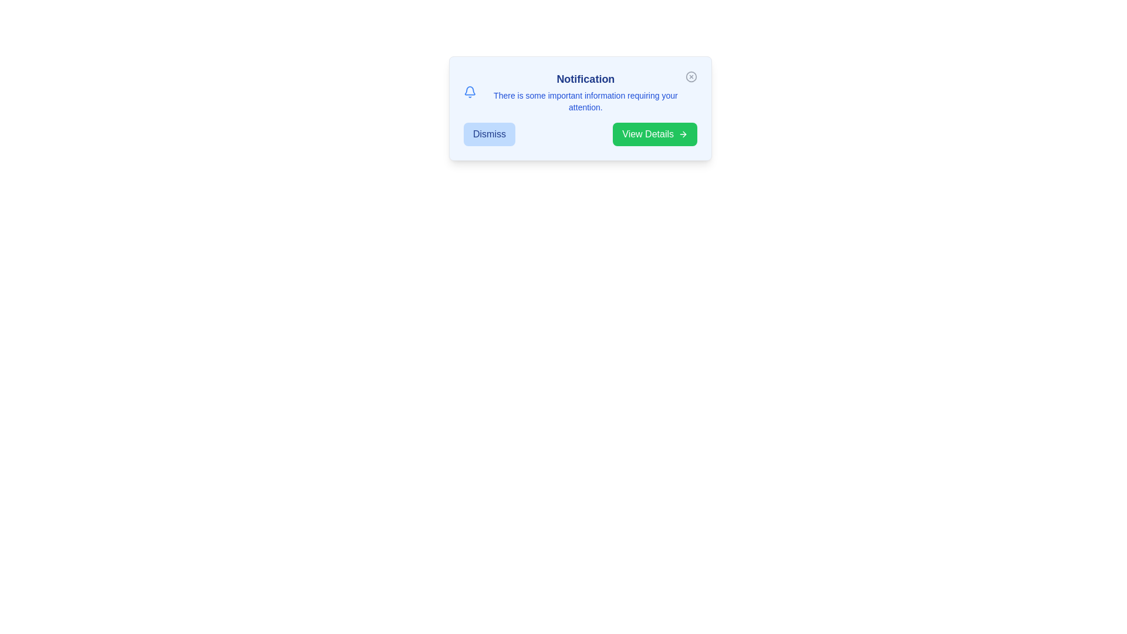  I want to click on 'View Details' button to proceed to more information, so click(654, 133).